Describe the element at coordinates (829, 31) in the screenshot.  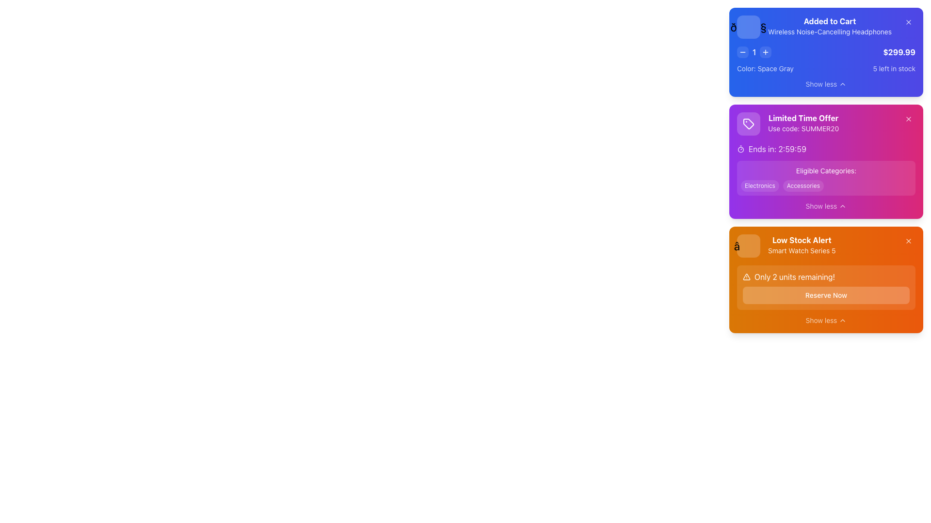
I see `informational text label that displays the name of the item added to the cart, located in the top-right corner of the layout, below the 'Added to Cart' text` at that location.